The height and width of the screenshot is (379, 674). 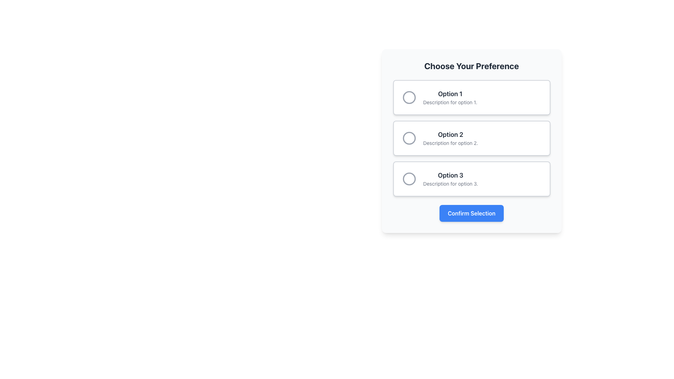 What do you see at coordinates (471, 213) in the screenshot?
I see `the blue button labeled 'Confirm Selection'` at bounding box center [471, 213].